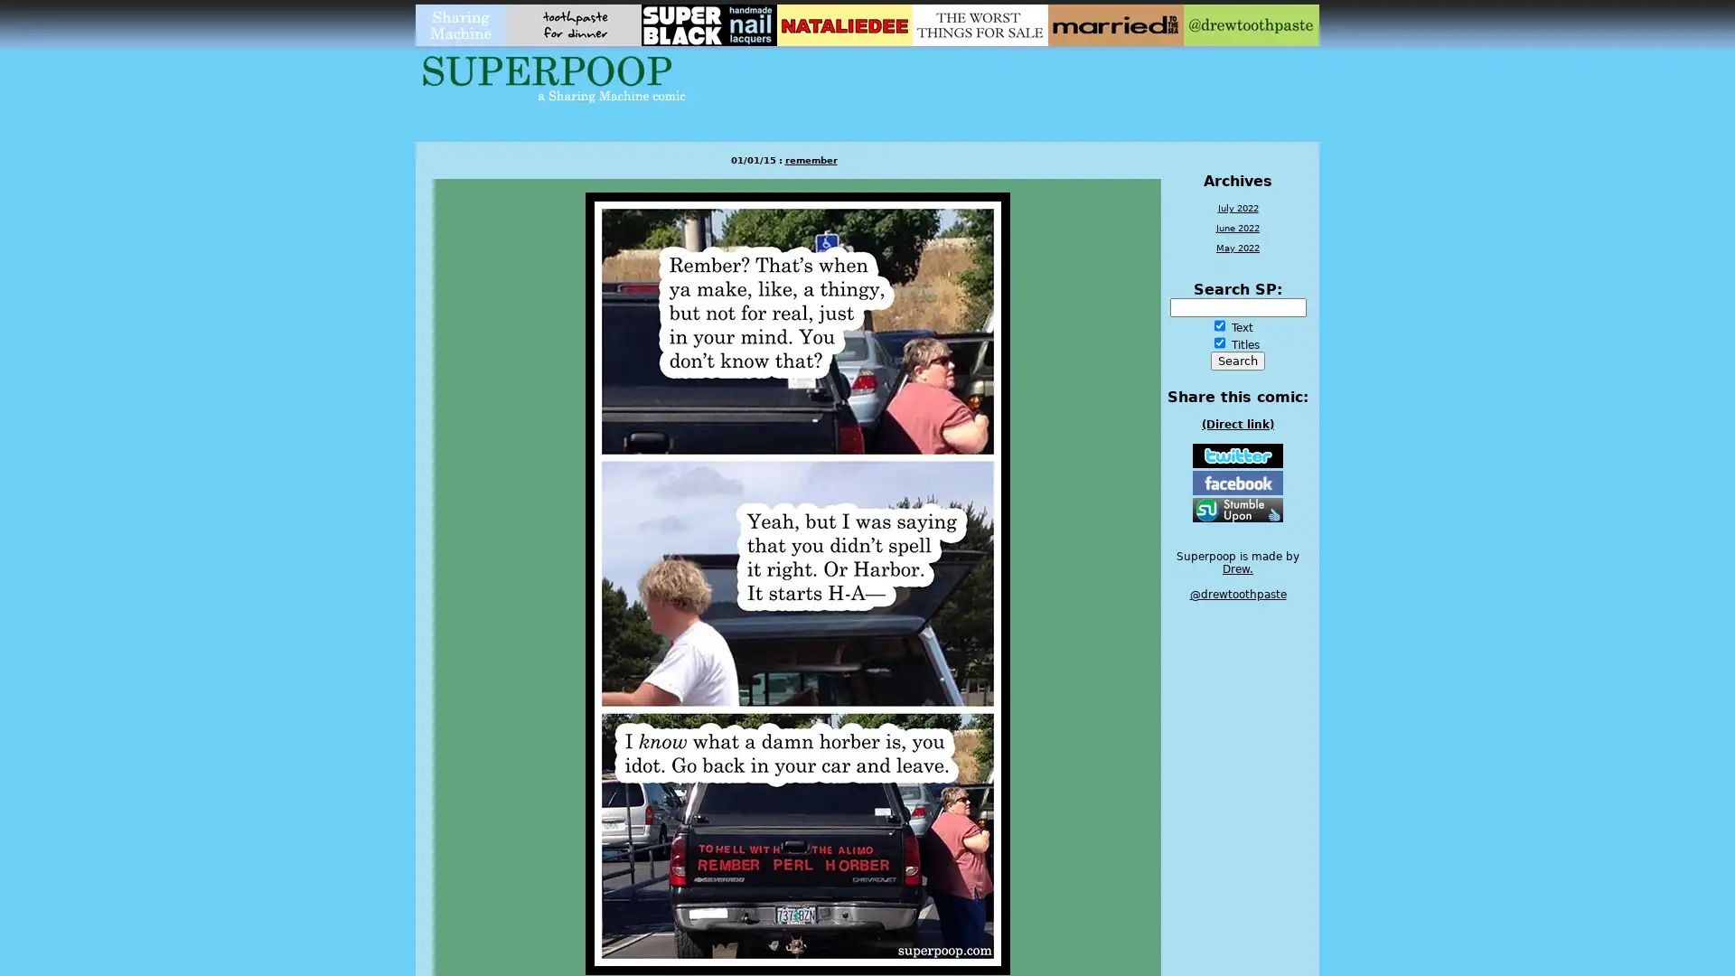 This screenshot has width=1735, height=976. I want to click on Search, so click(1236, 361).